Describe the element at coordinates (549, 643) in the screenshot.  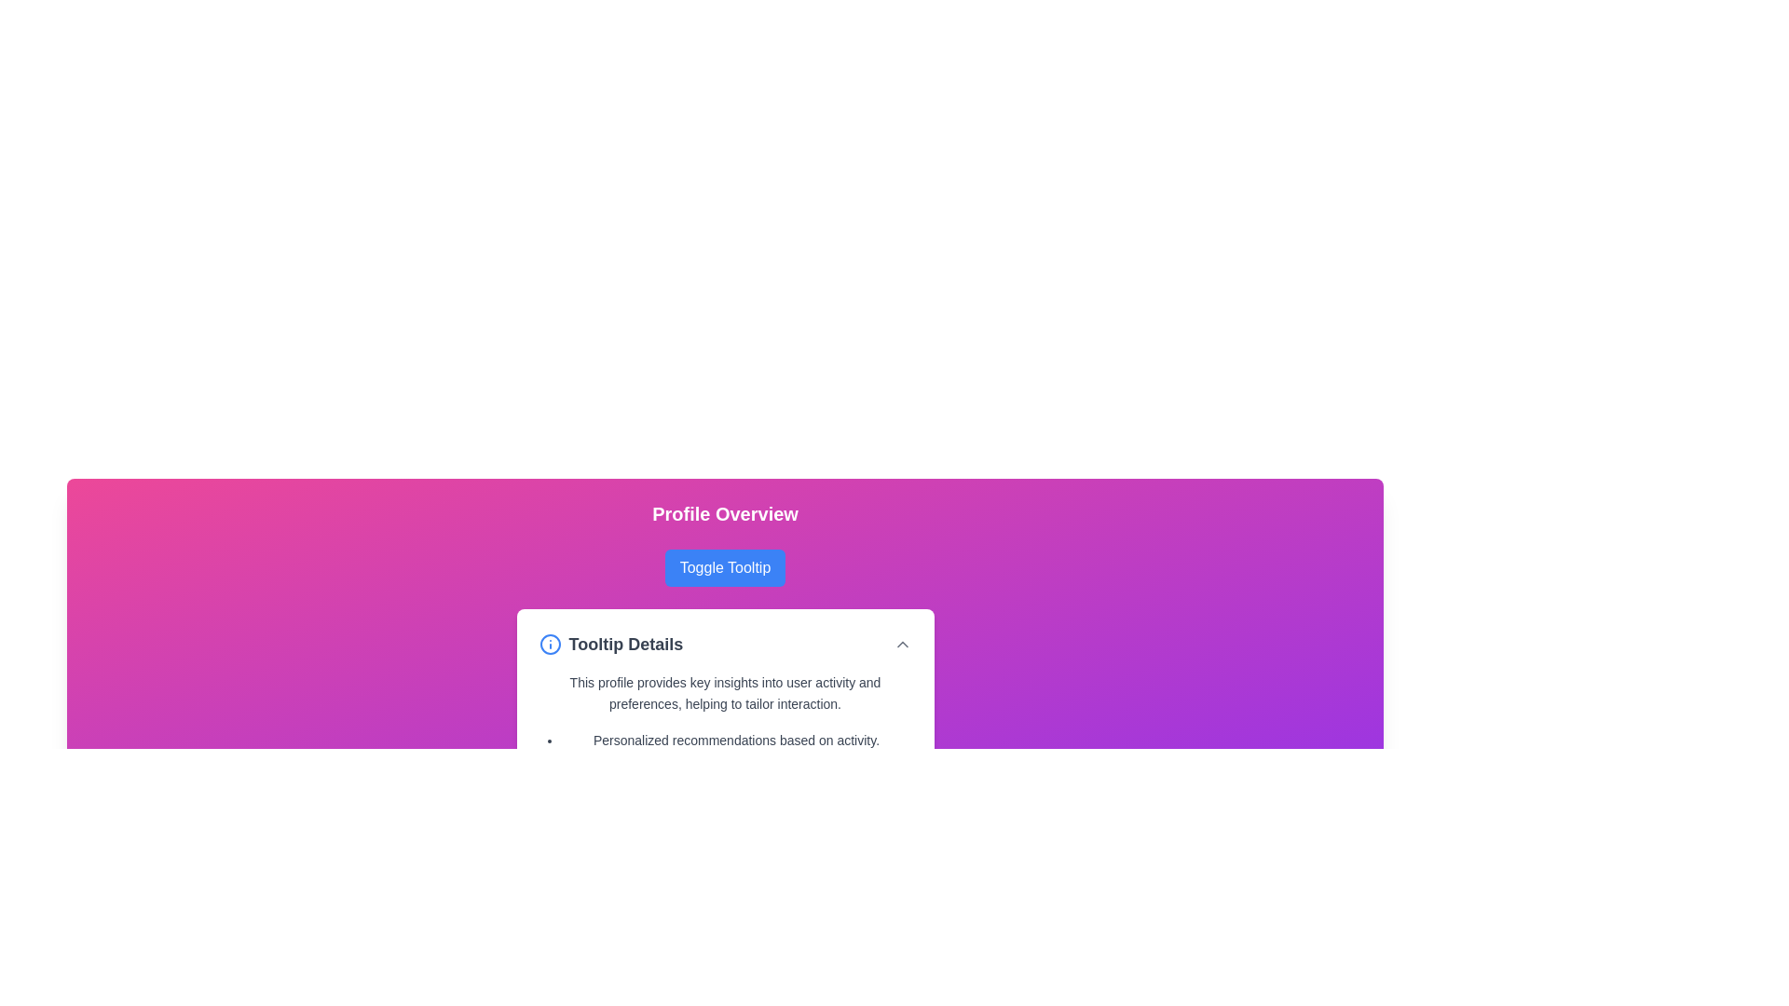
I see `the icon located to the left of the 'Tooltip Details' text` at that location.